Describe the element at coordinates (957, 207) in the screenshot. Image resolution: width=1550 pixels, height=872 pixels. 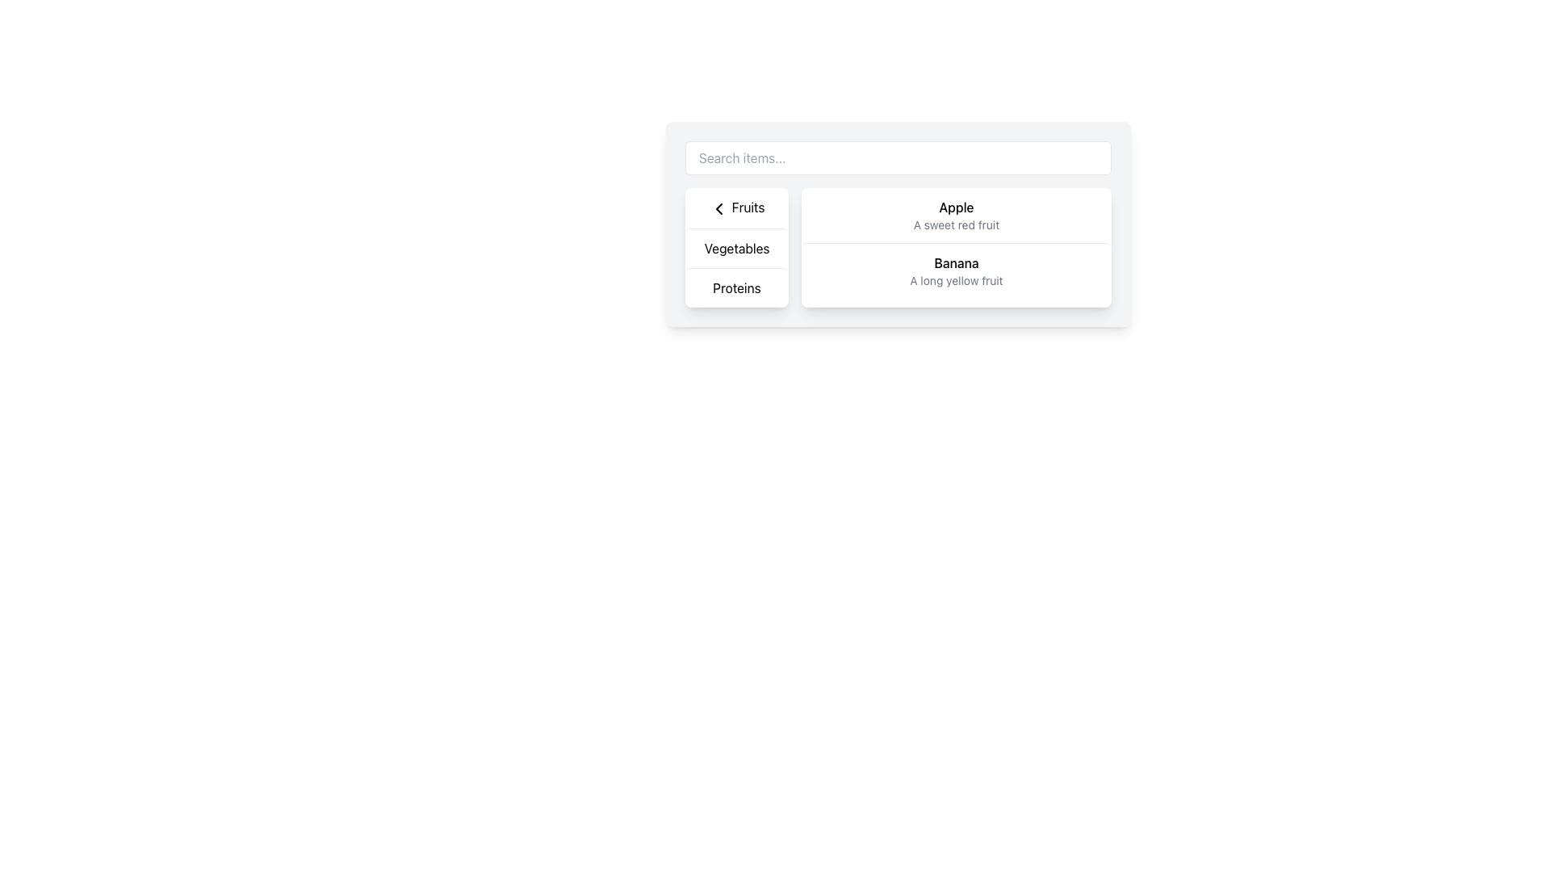
I see `the text label for the fruit 'Apple'` at that location.